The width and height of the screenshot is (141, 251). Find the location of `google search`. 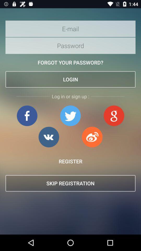

google search is located at coordinates (114, 116).